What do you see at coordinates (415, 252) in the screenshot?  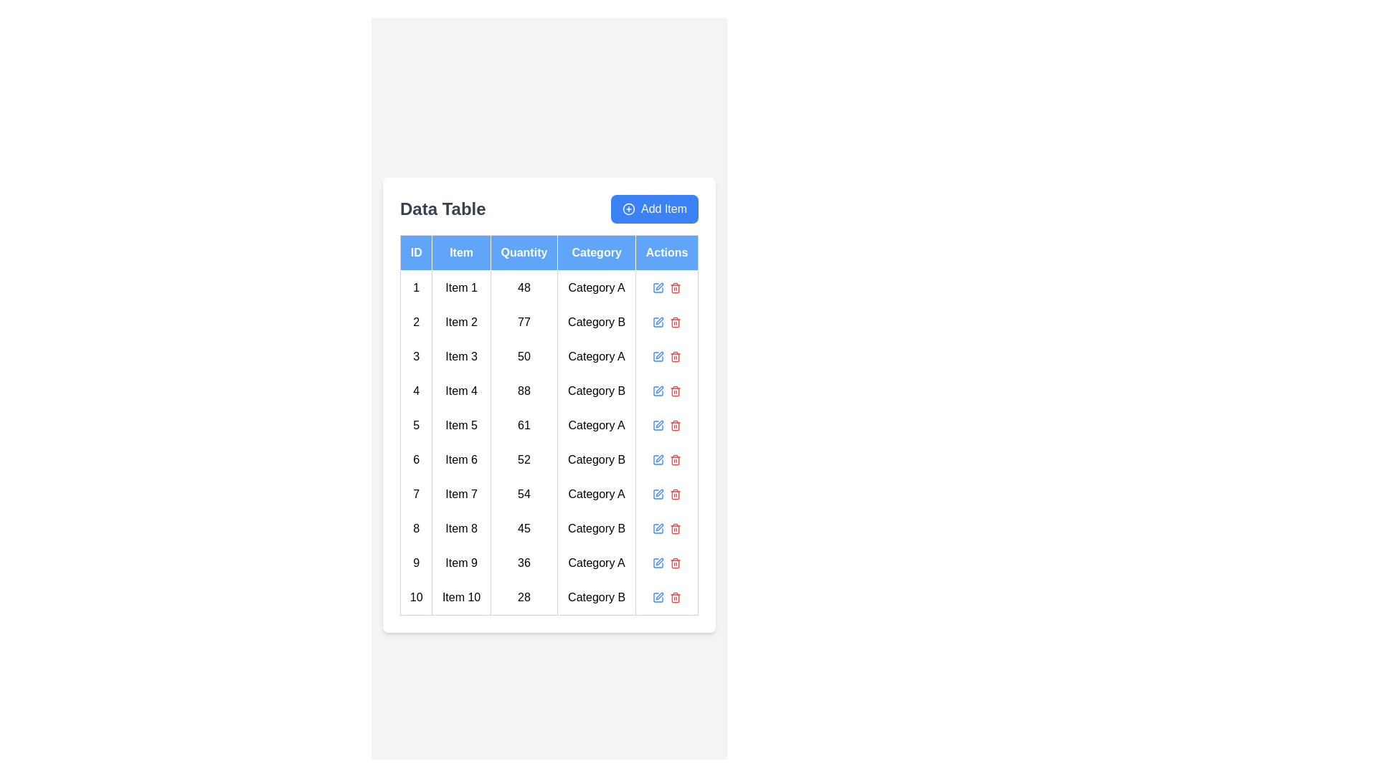 I see `the 'ID' column header in the table, which is located at the leftmost side of the header row` at bounding box center [415, 252].